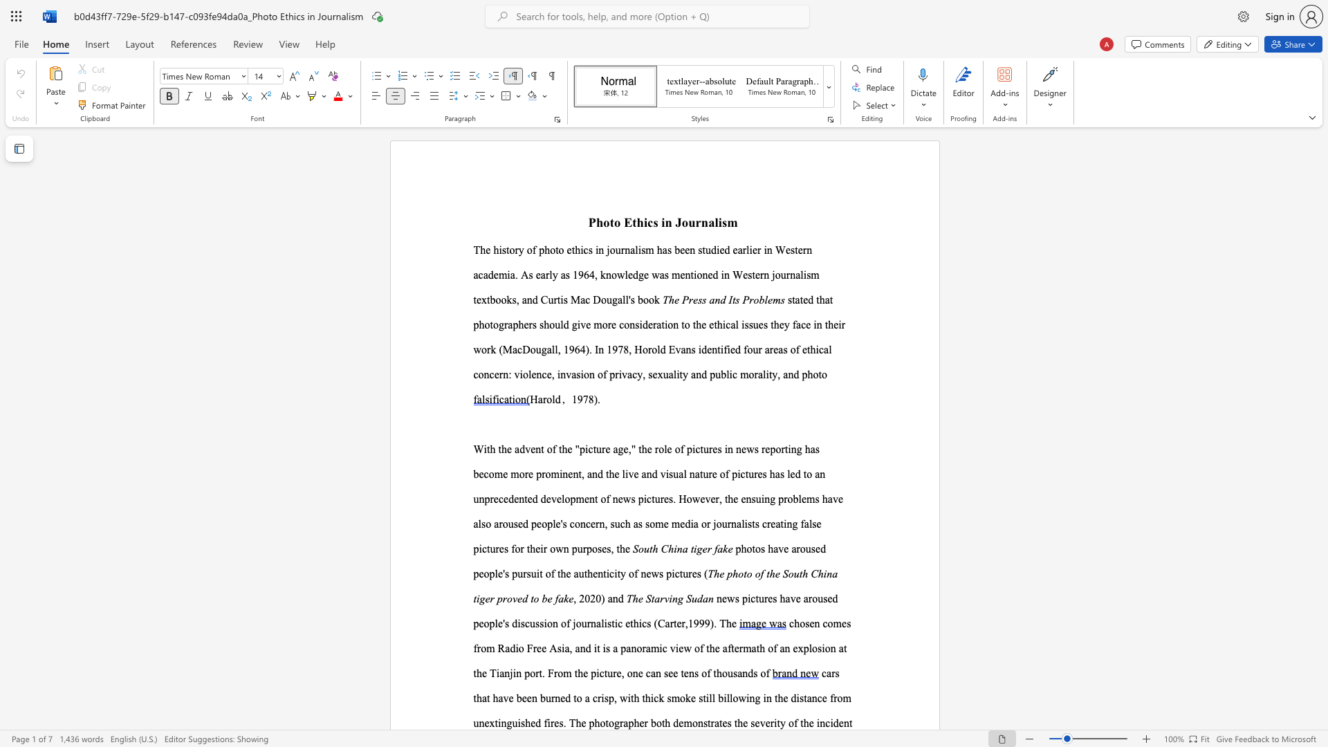 Image resolution: width=1328 pixels, height=747 pixels. Describe the element at coordinates (481, 648) in the screenshot. I see `the subset text "om Radio Free Asia, and it is a panoramic view of the aftermath of an explosion at the Tianjin port. From the picture, one ca" within the text "comes from Radio Free Asia, and it is a panoramic view of the aftermath of an explosion at the Tianjin port. From the picture, one can see tens of thousands of"` at that location.